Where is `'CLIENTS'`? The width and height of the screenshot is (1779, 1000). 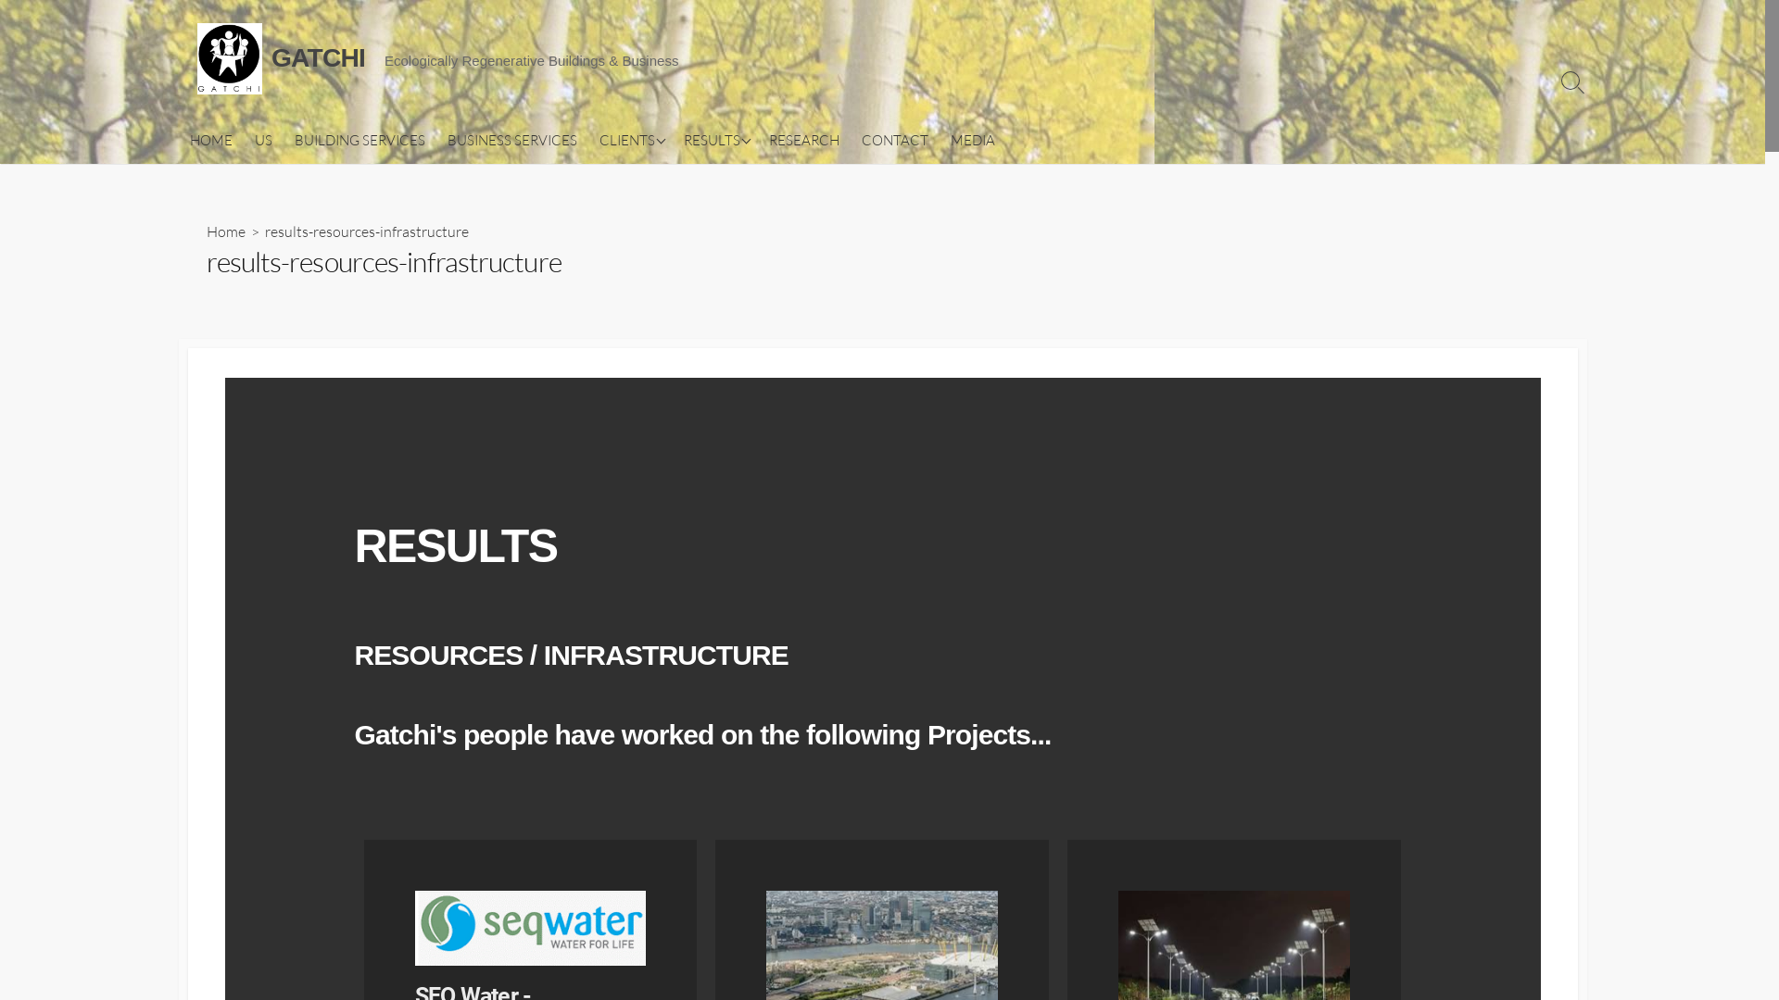 'CLIENTS' is located at coordinates (586, 139).